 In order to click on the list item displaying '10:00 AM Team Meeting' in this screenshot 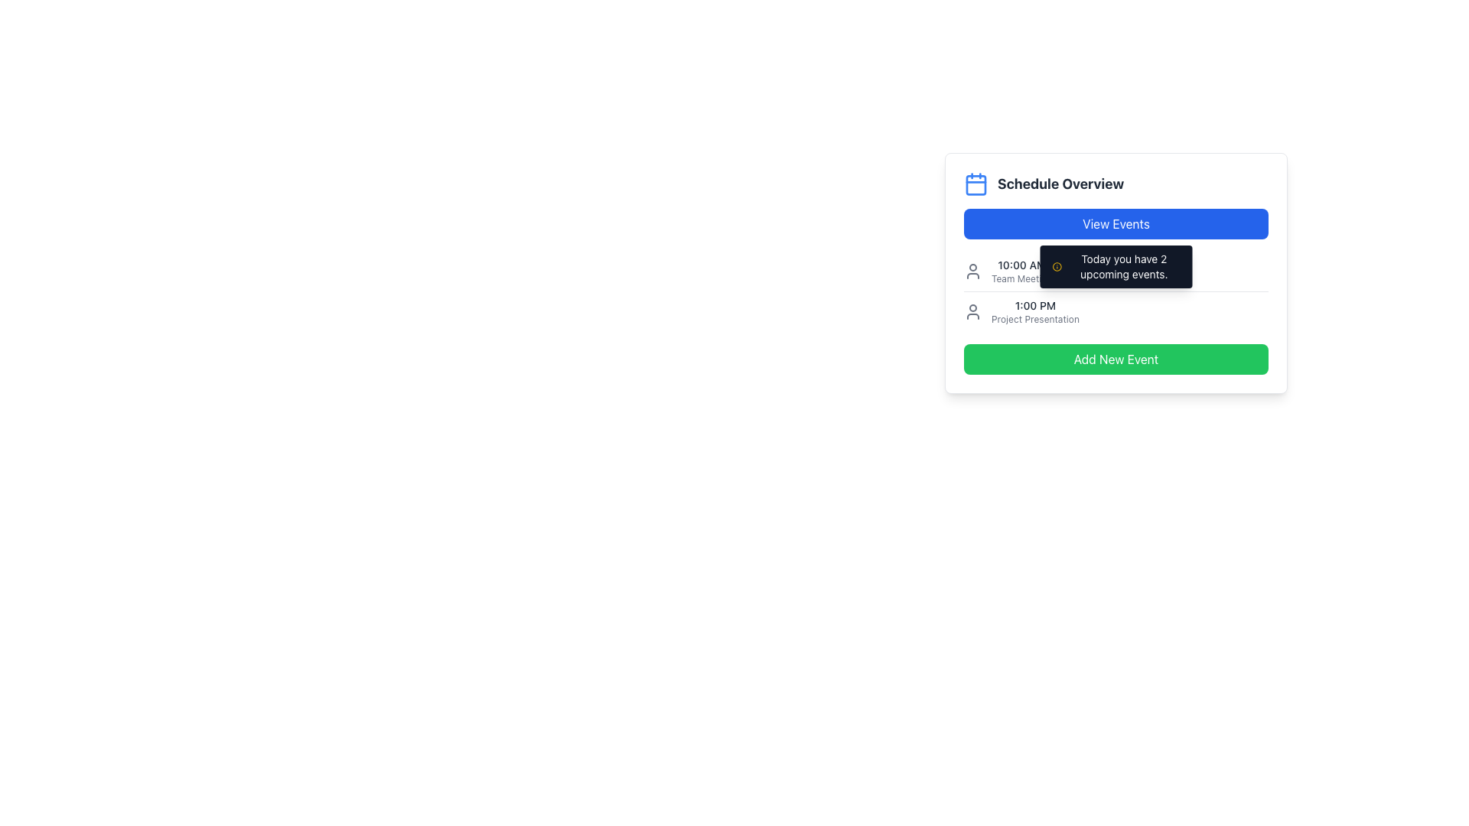, I will do `click(1116, 270)`.